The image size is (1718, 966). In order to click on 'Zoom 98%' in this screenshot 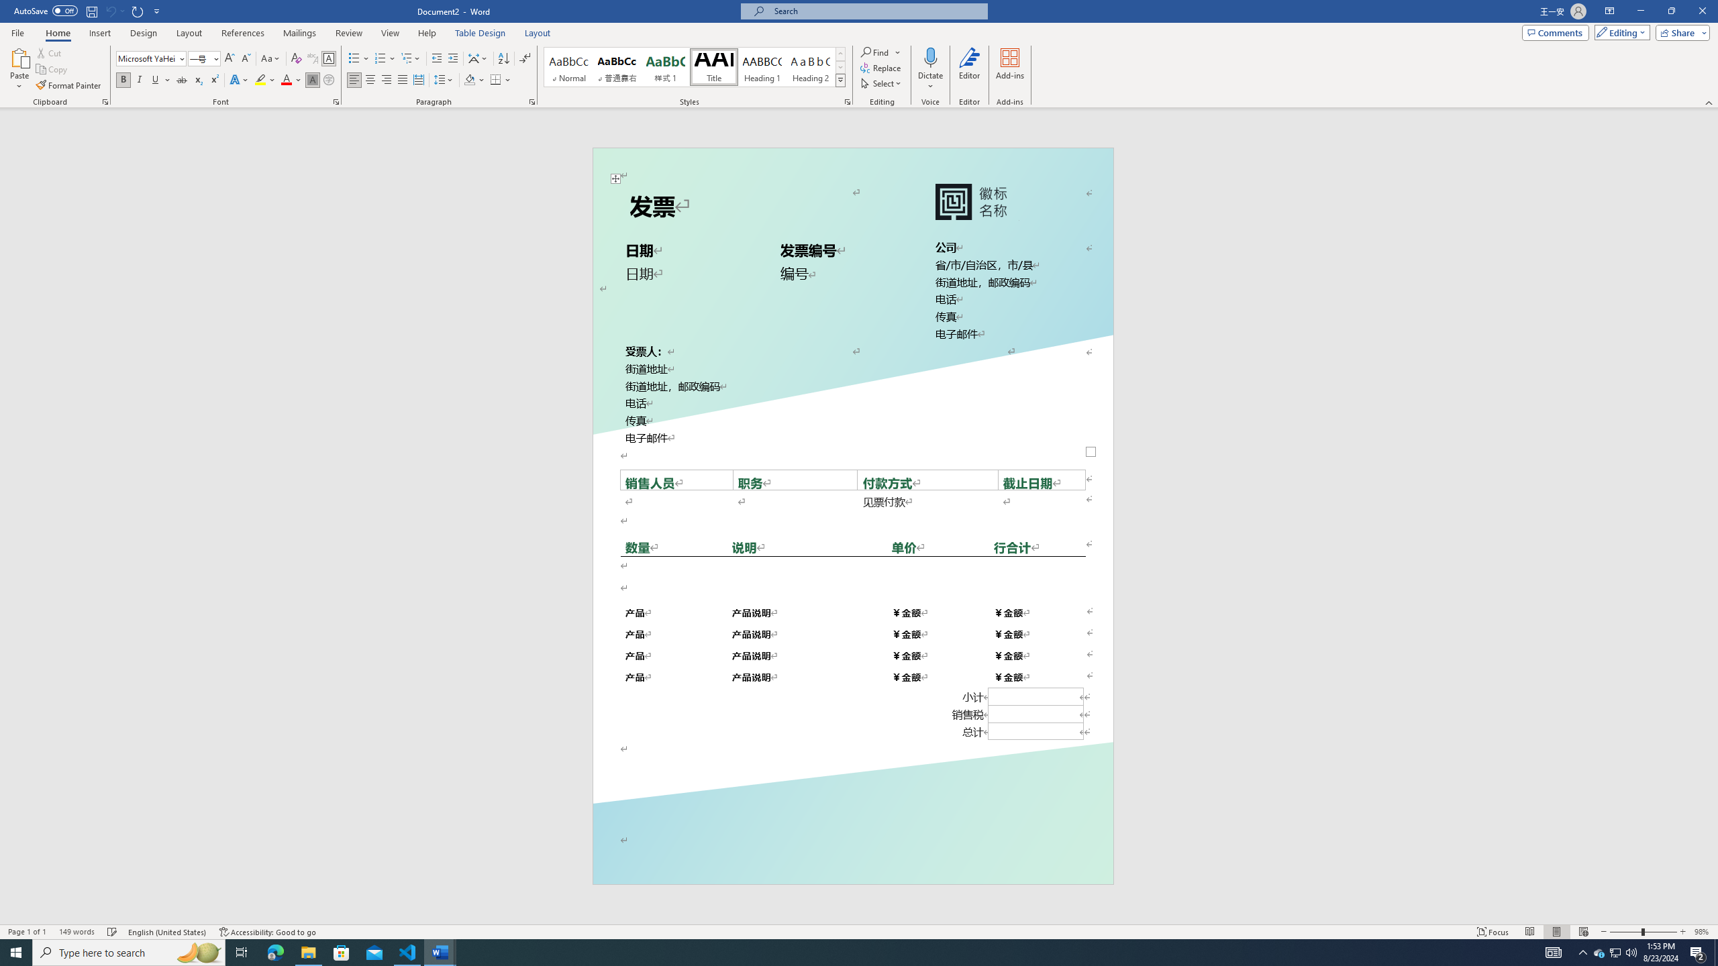, I will do `click(1703, 932)`.